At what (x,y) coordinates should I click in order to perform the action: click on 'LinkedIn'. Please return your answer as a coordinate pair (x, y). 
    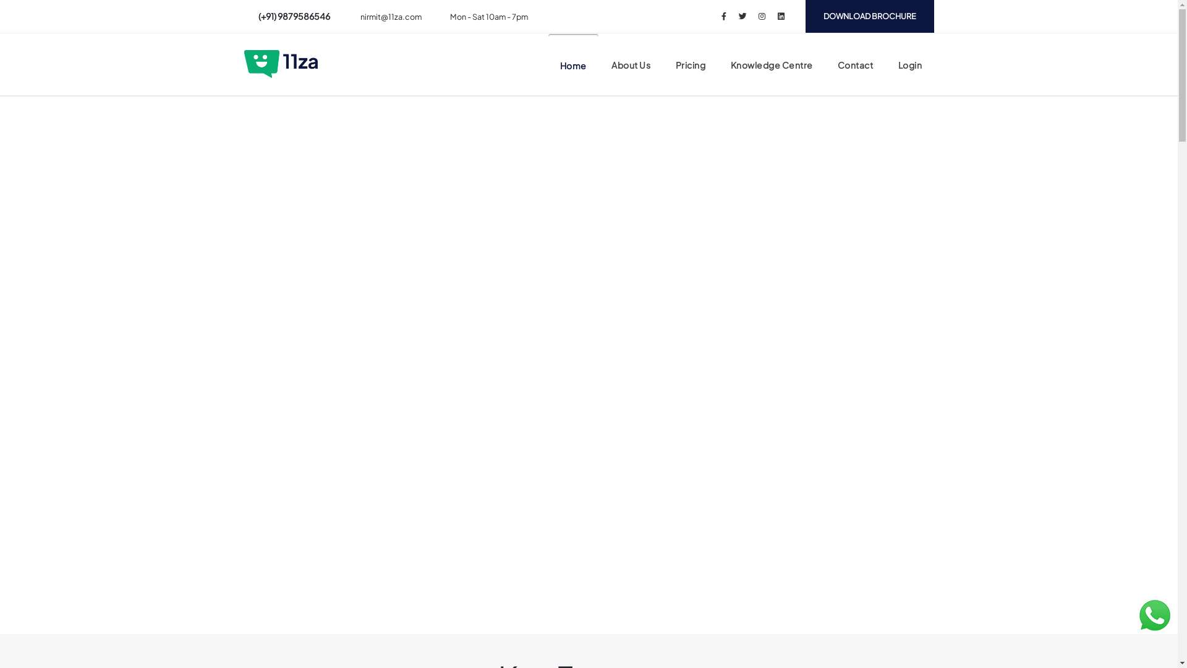
    Looking at the image, I should click on (780, 16).